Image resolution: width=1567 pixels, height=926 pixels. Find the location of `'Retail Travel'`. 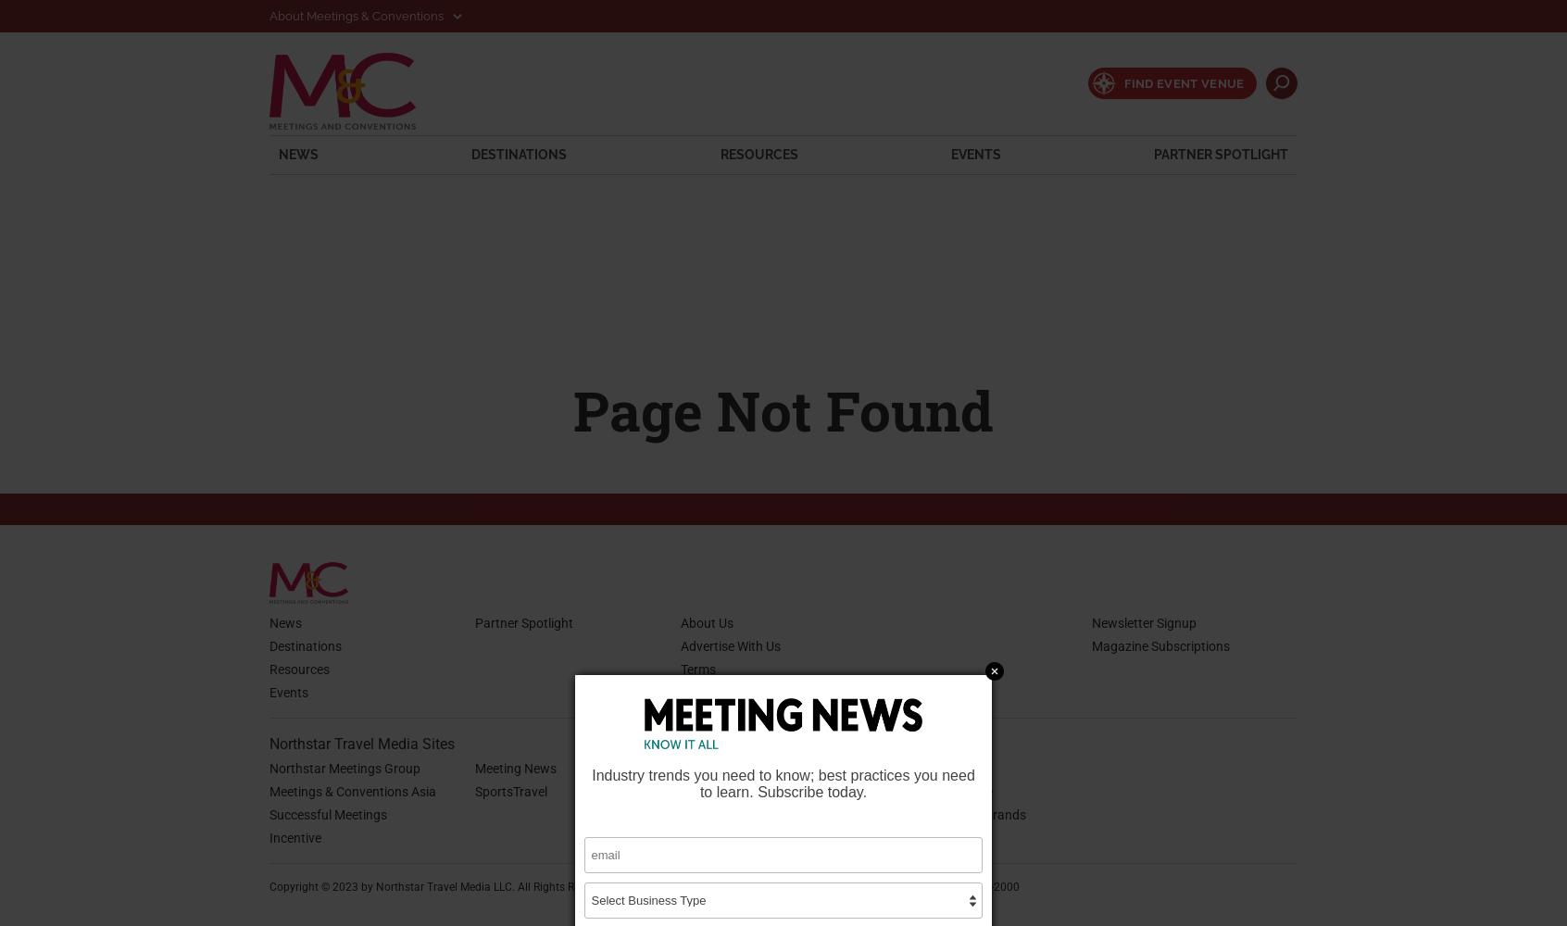

'Retail Travel' is located at coordinates (714, 767).